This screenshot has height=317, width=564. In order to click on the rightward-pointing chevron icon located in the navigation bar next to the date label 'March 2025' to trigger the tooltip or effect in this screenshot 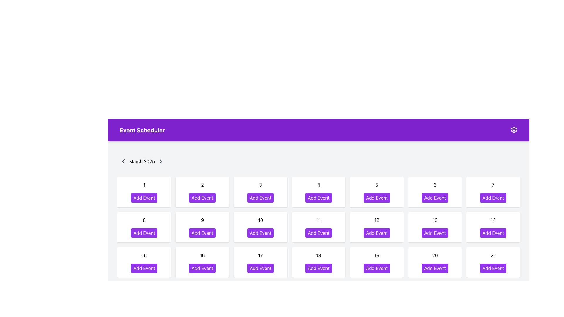, I will do `click(161, 161)`.